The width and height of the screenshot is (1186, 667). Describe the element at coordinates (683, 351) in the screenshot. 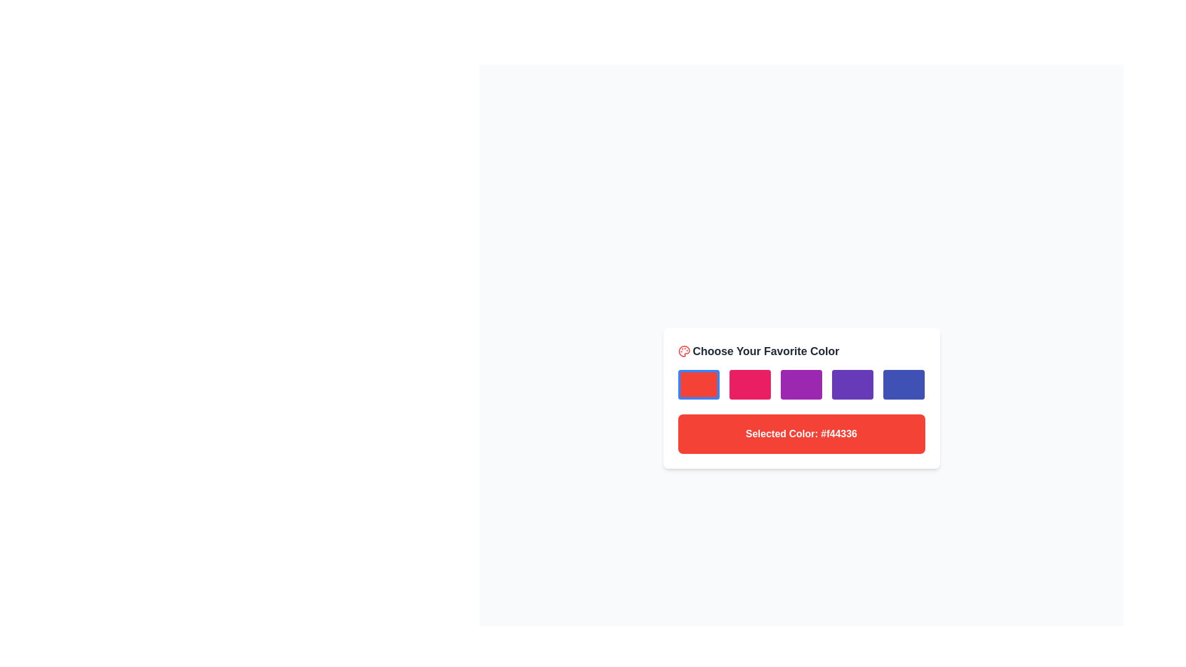

I see `the decorative icon on the leftmost side of the heading 'Choose Your Favorite Color'` at that location.